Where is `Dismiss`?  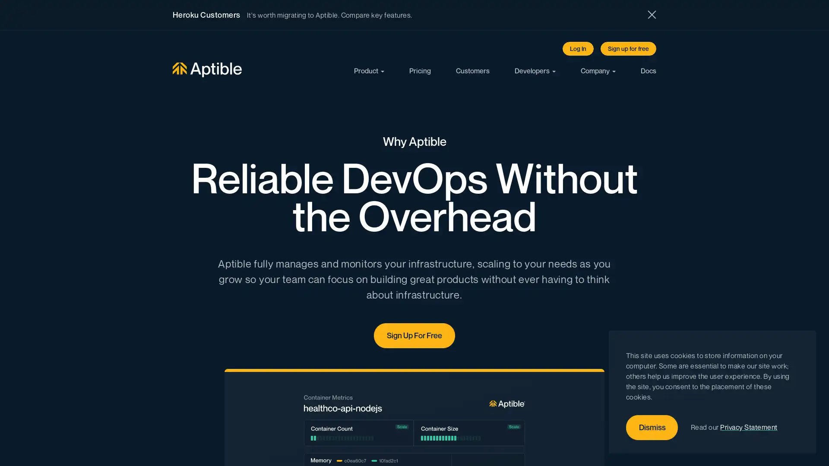
Dismiss is located at coordinates (652, 428).